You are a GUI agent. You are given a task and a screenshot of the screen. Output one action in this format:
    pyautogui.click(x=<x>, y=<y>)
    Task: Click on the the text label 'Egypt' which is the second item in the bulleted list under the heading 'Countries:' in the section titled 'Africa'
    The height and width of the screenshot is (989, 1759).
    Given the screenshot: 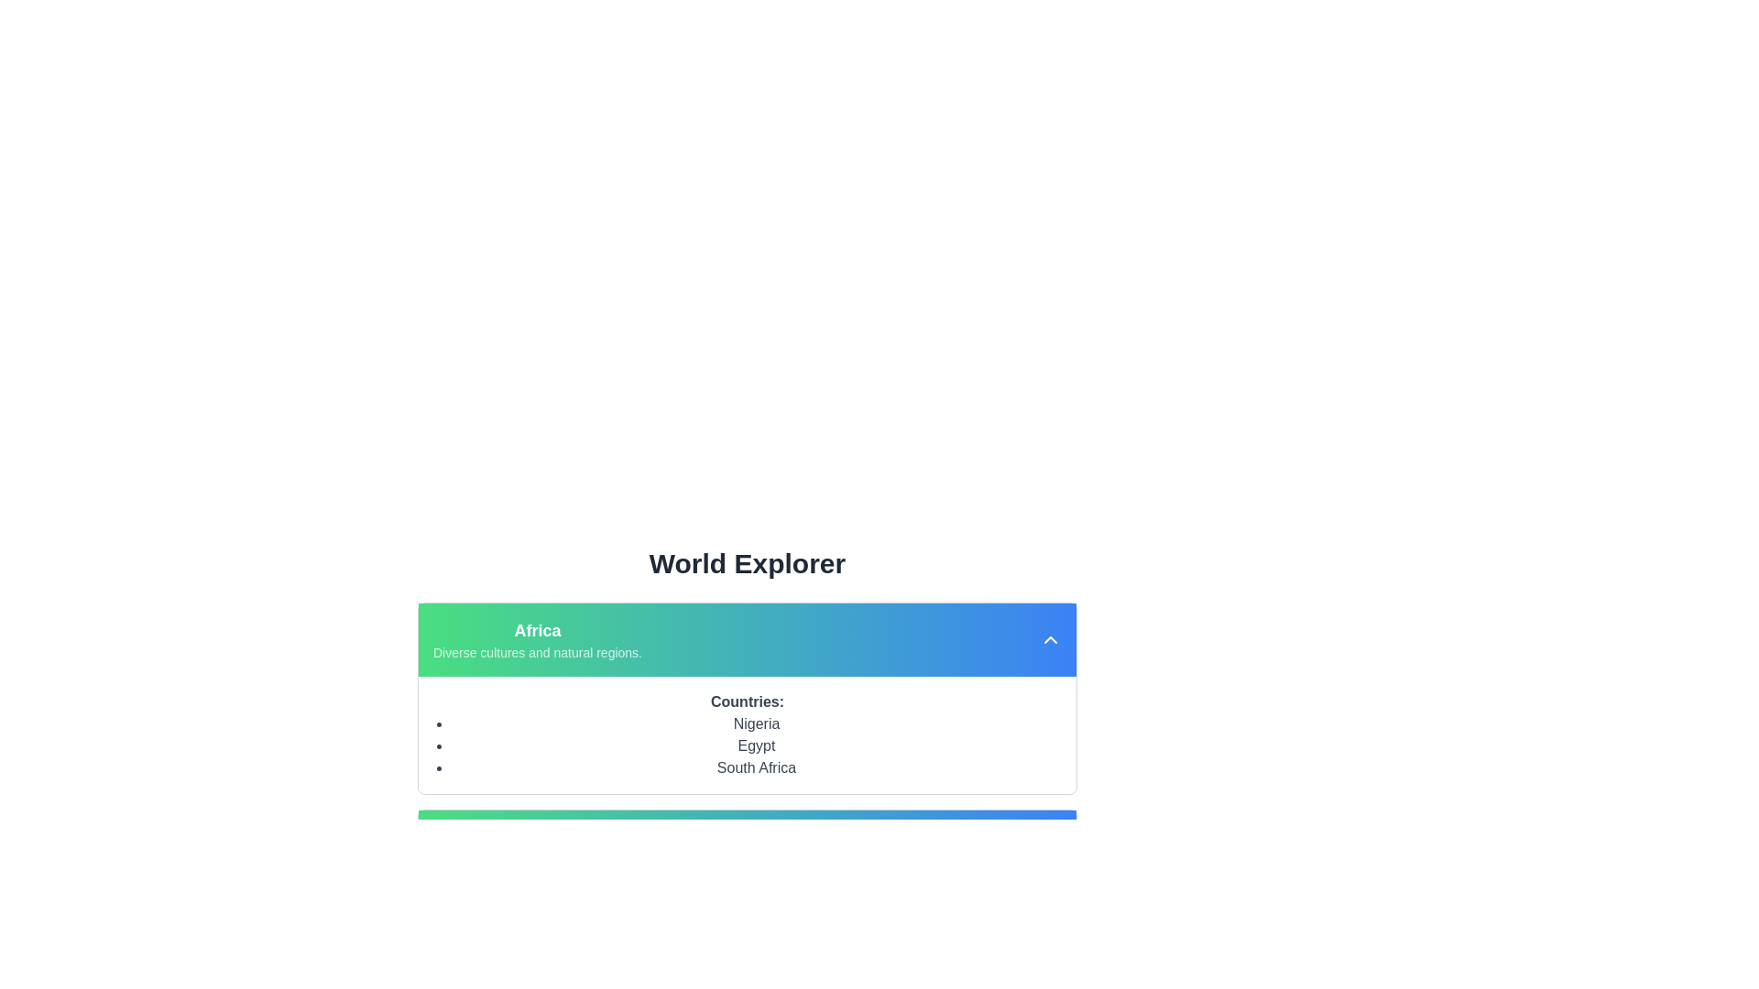 What is the action you would take?
    pyautogui.click(x=756, y=745)
    